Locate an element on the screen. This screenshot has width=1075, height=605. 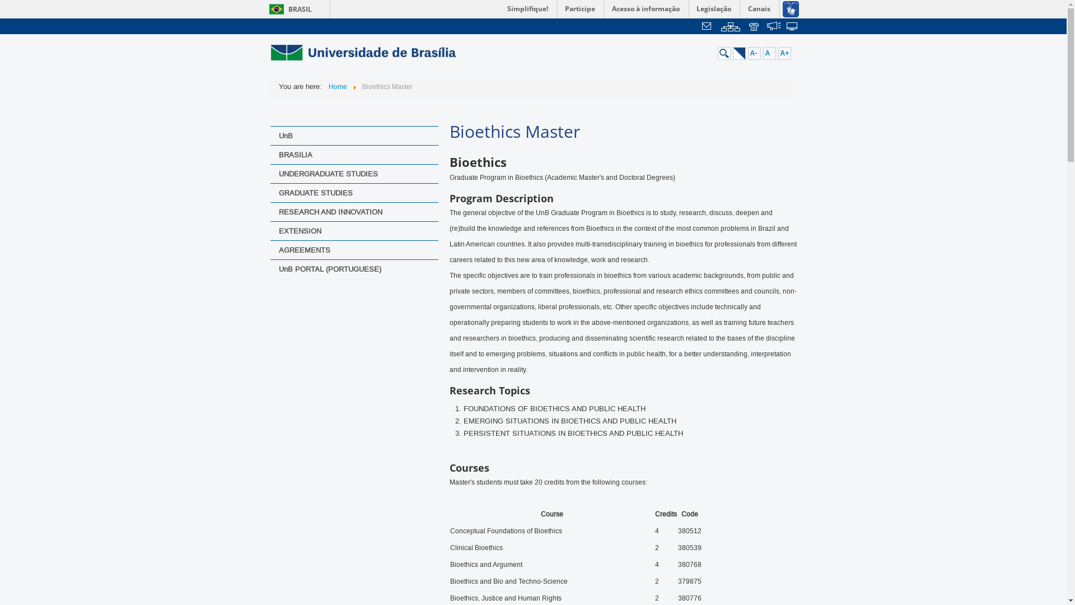
'Webmail' is located at coordinates (707, 27).